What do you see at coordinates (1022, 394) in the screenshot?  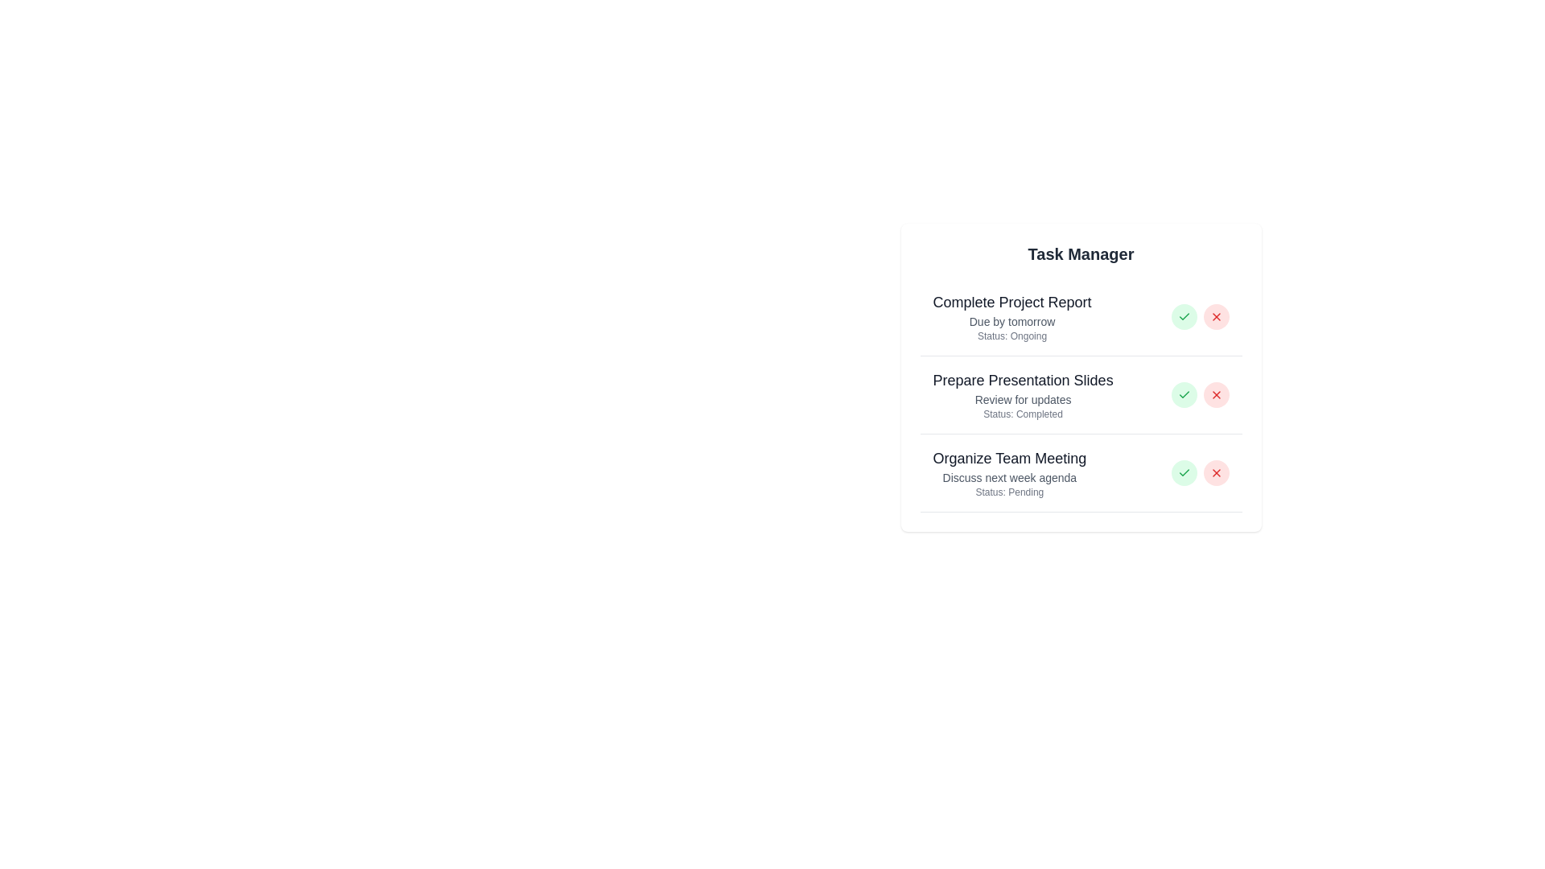 I see `information displayed in the Textual Content Block titled 'Prepare Presentation Slides', which includes the subtitle 'Review for updates' and the status 'Status: Completed'` at bounding box center [1022, 394].